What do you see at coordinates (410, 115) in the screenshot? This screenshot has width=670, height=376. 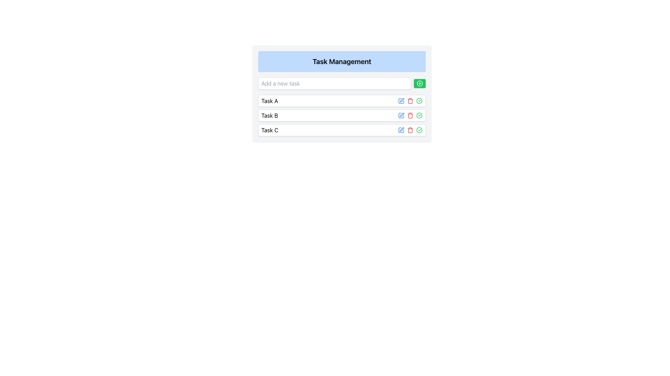 I see `the red trash can button in the 'Task B' row` at bounding box center [410, 115].